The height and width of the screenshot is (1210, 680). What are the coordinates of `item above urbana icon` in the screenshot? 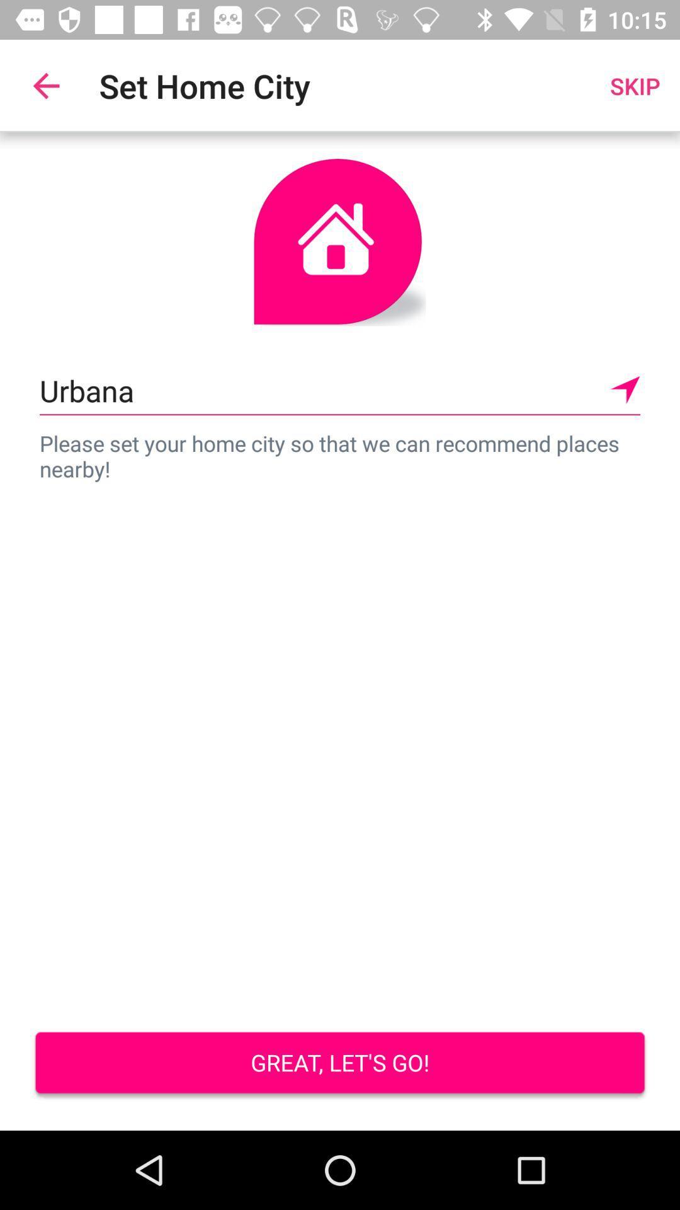 It's located at (45, 85).